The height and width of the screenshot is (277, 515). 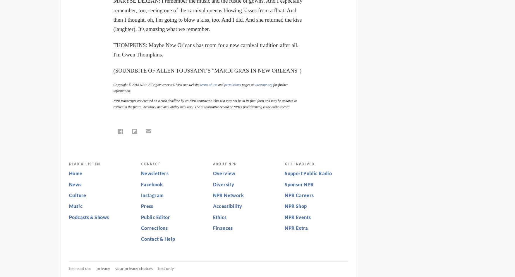 I want to click on 'Corrections', so click(x=154, y=228).